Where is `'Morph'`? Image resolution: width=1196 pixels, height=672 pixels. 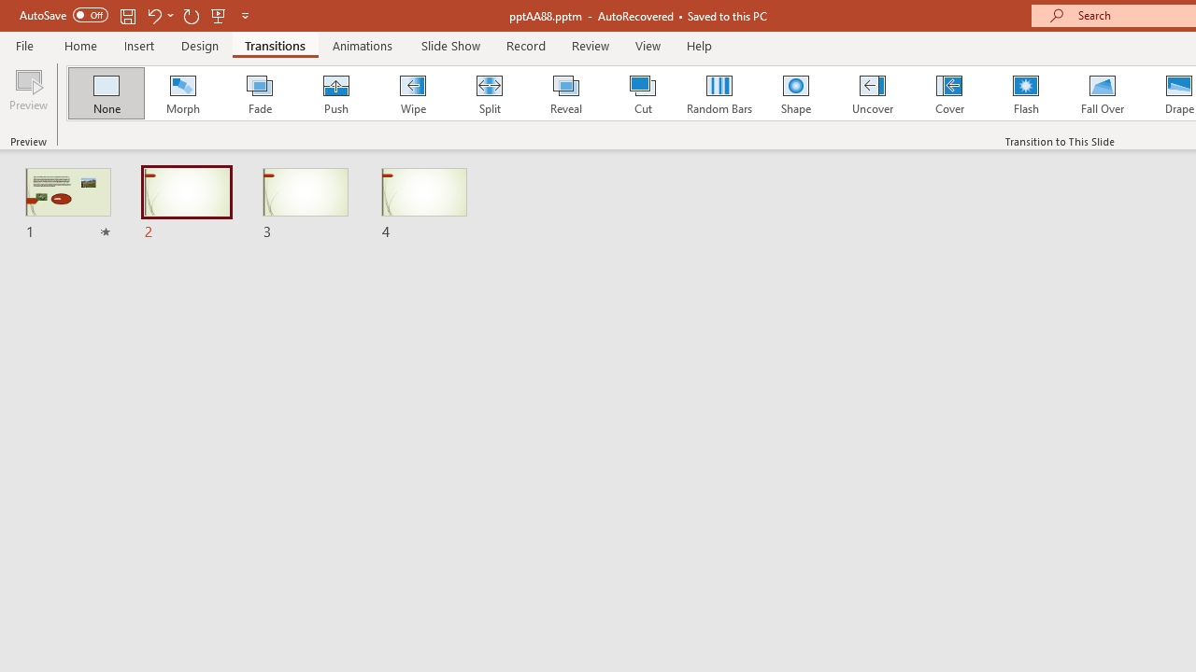
'Morph' is located at coordinates (182, 93).